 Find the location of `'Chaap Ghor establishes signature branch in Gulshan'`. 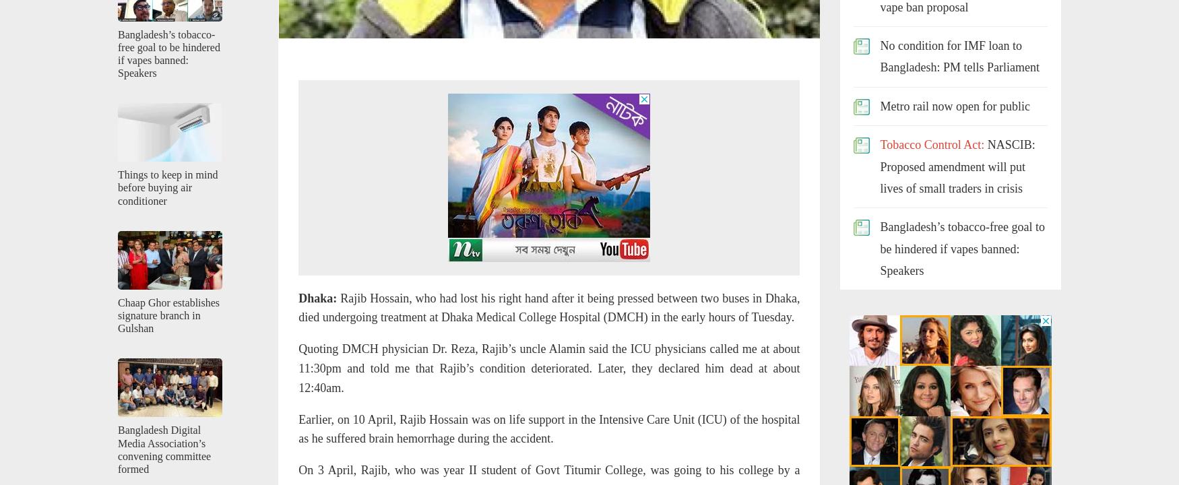

'Chaap Ghor establishes signature branch in Gulshan' is located at coordinates (168, 315).